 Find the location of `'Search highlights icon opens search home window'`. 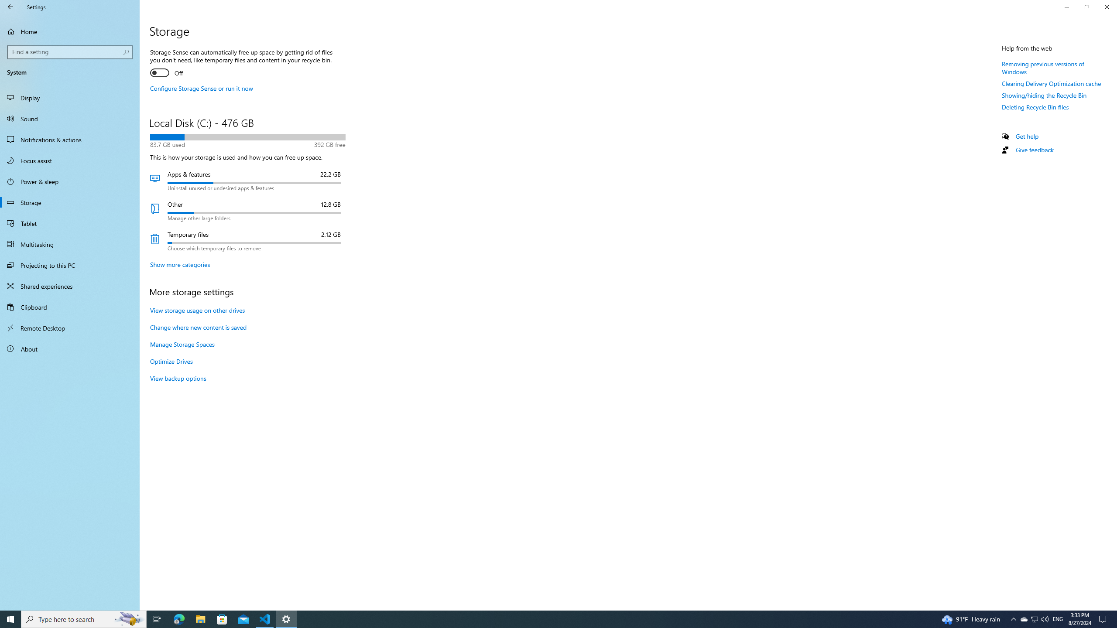

'Search highlights icon opens search home window' is located at coordinates (128, 618).